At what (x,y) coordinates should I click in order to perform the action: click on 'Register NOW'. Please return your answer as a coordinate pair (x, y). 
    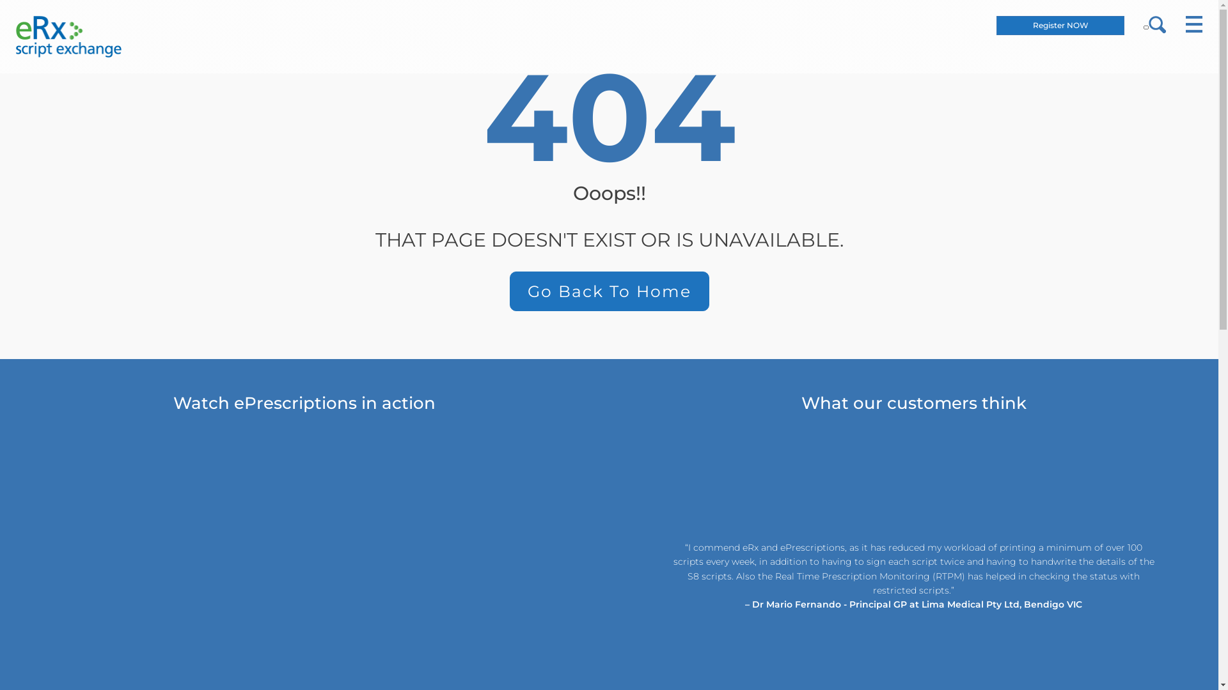
    Looking at the image, I should click on (1060, 25).